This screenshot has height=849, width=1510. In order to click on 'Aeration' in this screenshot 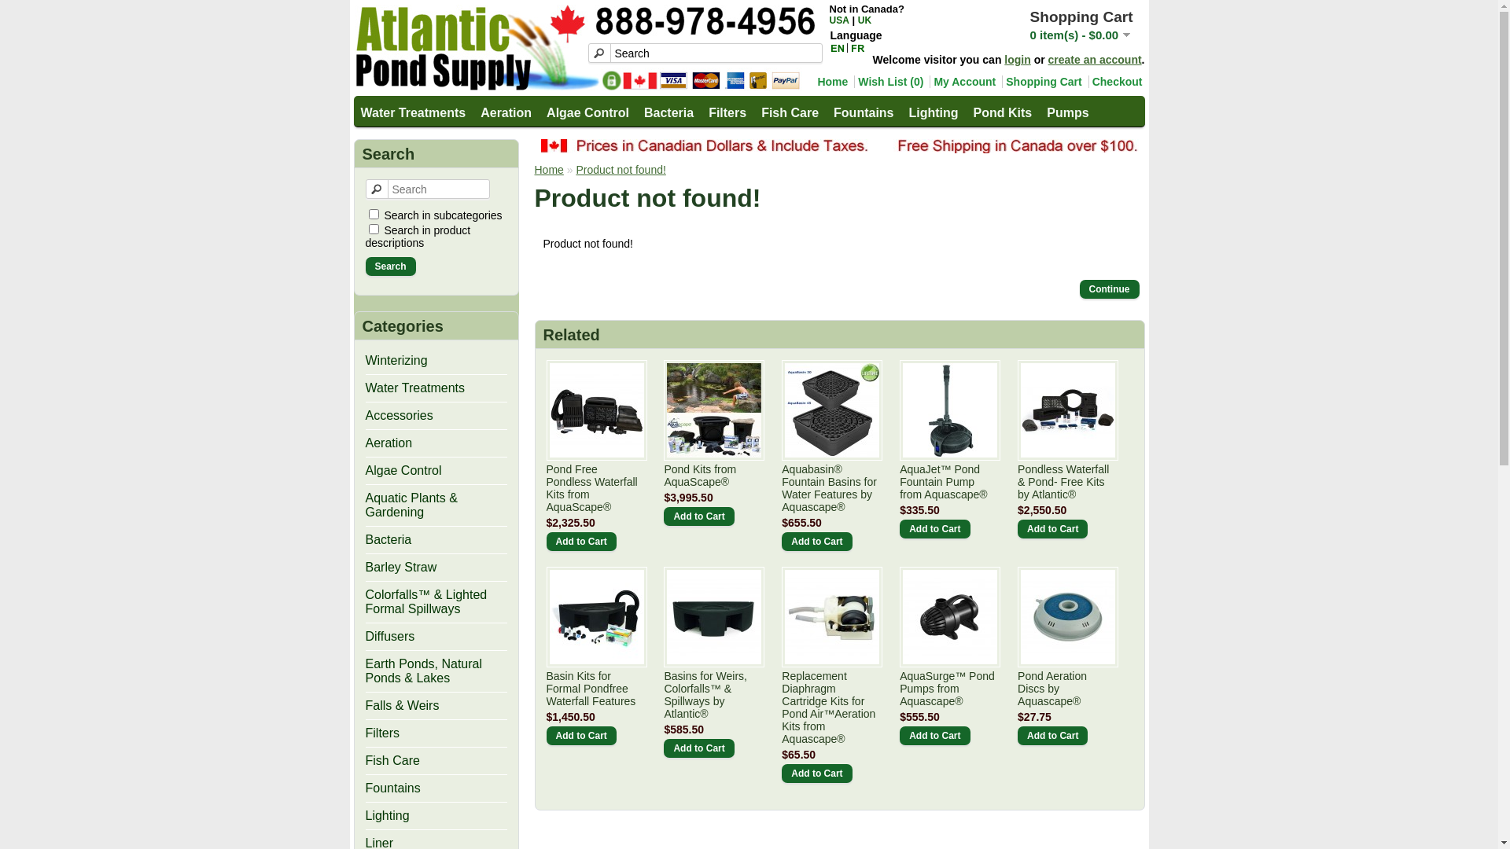, I will do `click(389, 443)`.